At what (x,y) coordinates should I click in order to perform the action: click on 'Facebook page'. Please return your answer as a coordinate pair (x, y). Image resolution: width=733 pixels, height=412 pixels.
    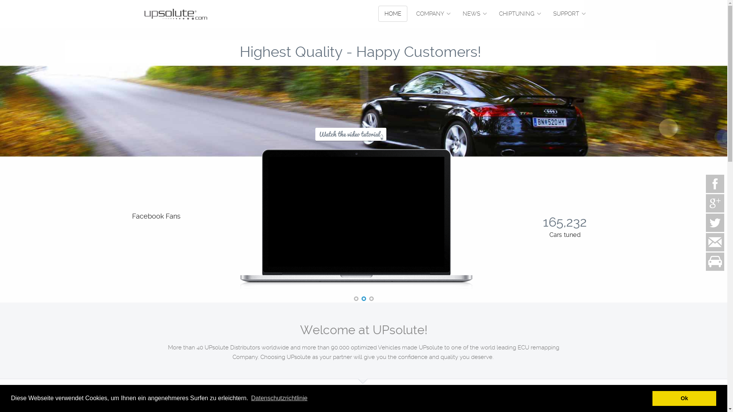
    Looking at the image, I should click on (714, 184).